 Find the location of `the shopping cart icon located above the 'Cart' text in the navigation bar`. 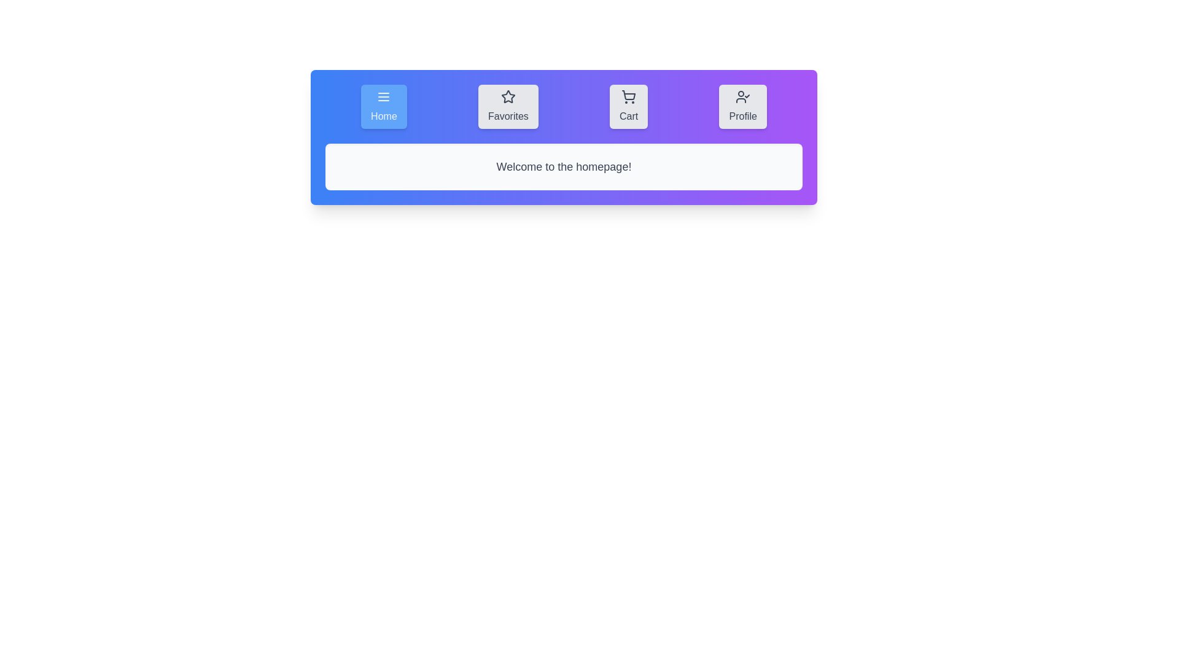

the shopping cart icon located above the 'Cart' text in the navigation bar is located at coordinates (629, 96).